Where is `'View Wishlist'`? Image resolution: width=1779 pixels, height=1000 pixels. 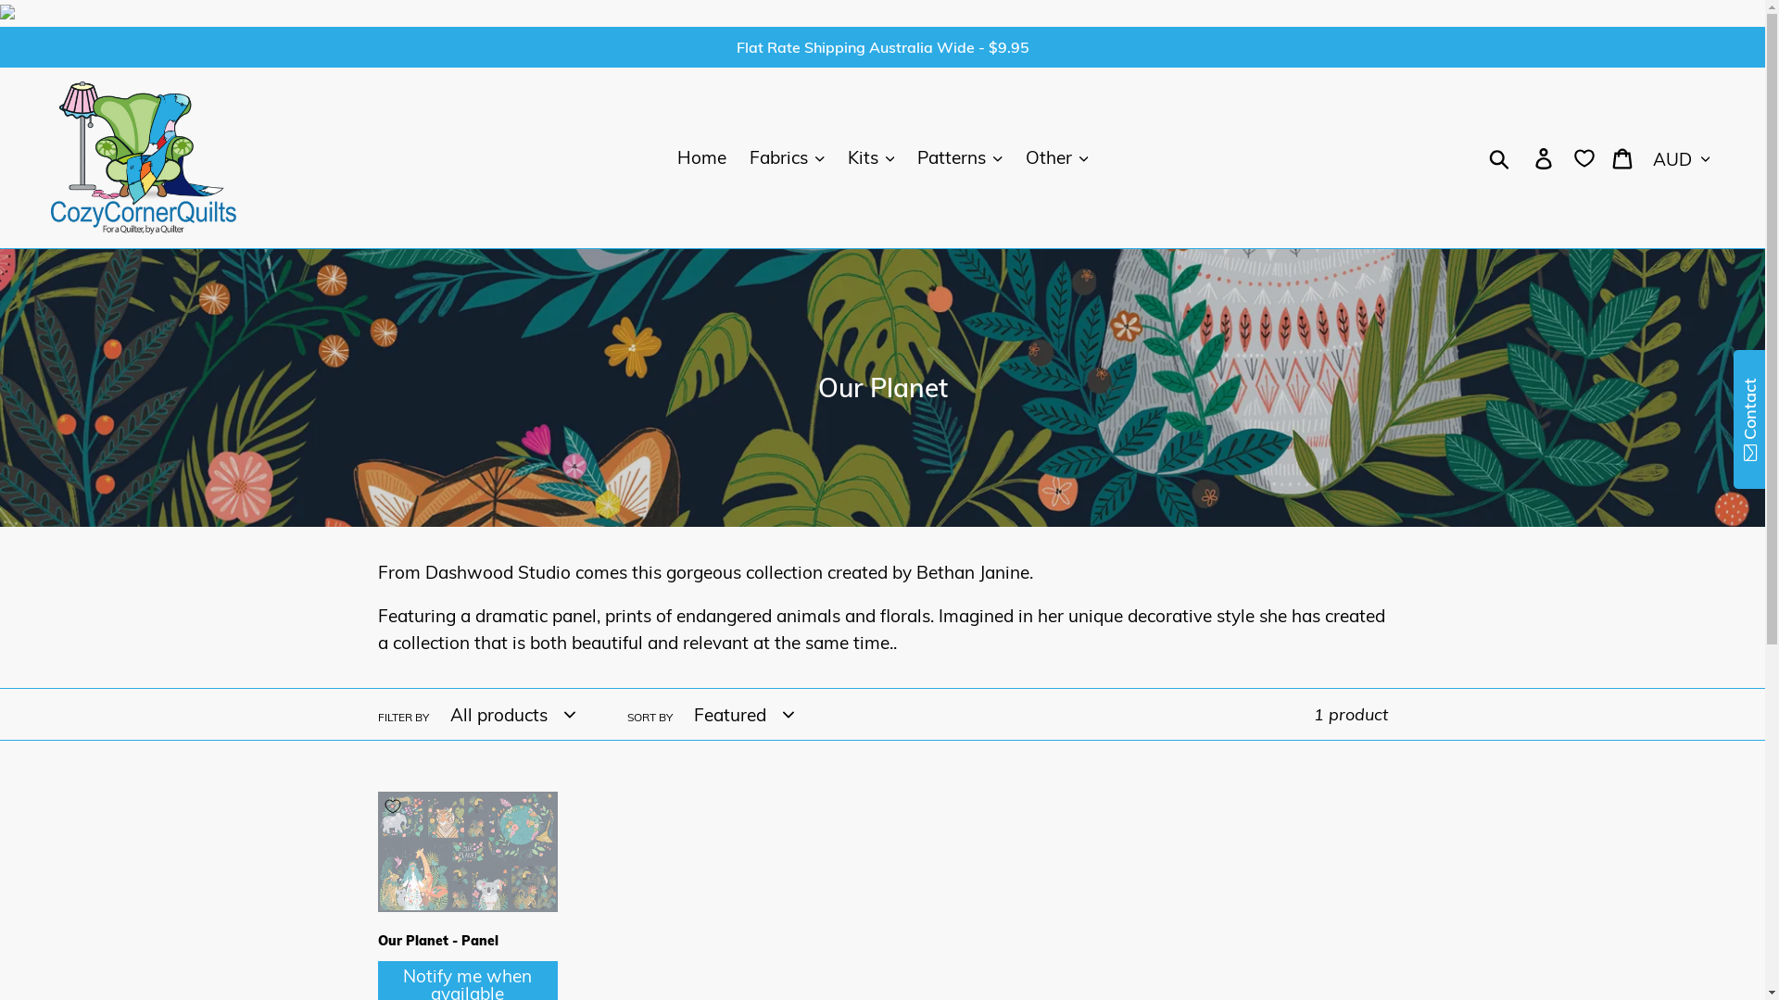 'View Wishlist' is located at coordinates (1583, 156).